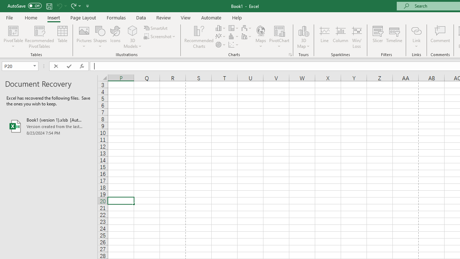 This screenshot has width=460, height=259. I want to click on 'Comment', so click(440, 37).